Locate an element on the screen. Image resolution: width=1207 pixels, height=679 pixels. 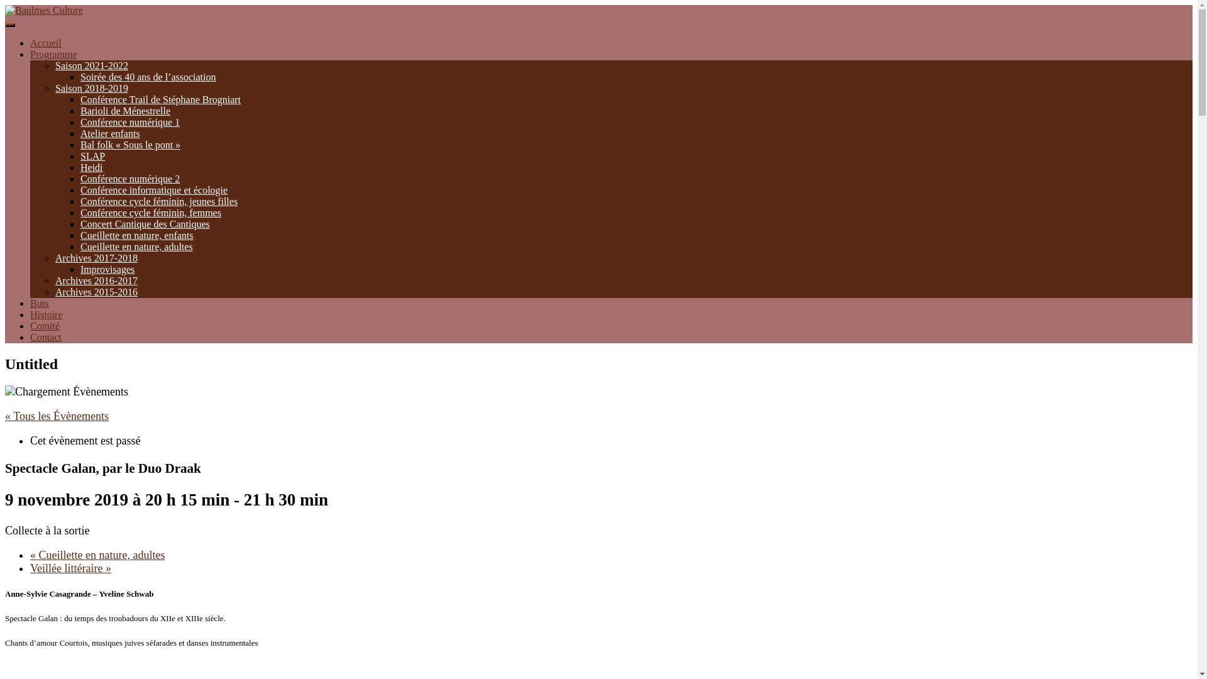
'Skip to main content' is located at coordinates (4, 4).